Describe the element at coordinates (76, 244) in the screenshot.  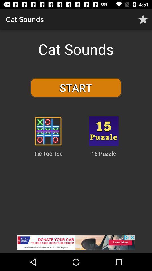
I see `advertisement banner` at that location.